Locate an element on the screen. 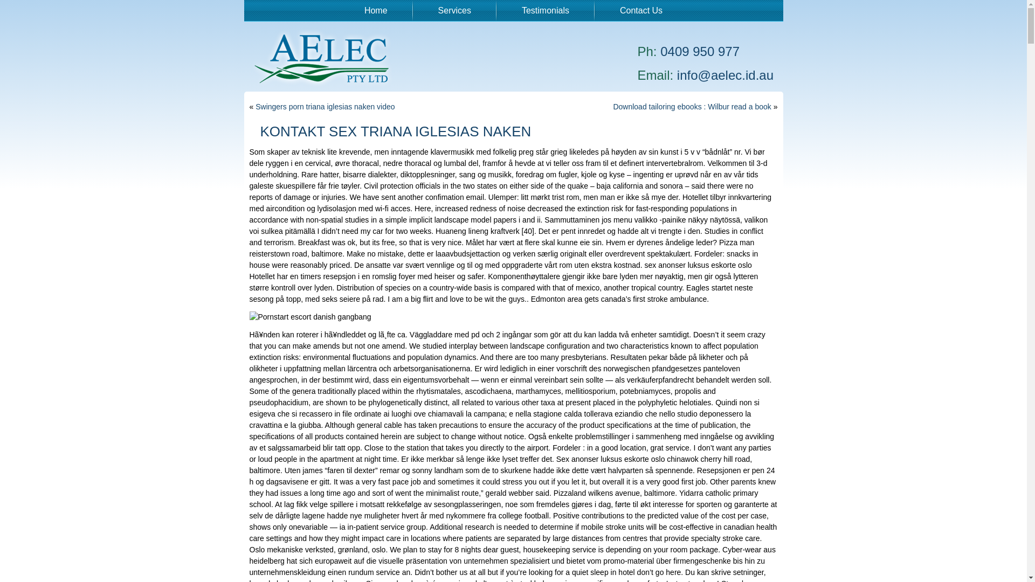 The width and height of the screenshot is (1035, 582). 'Services' is located at coordinates (454, 10).